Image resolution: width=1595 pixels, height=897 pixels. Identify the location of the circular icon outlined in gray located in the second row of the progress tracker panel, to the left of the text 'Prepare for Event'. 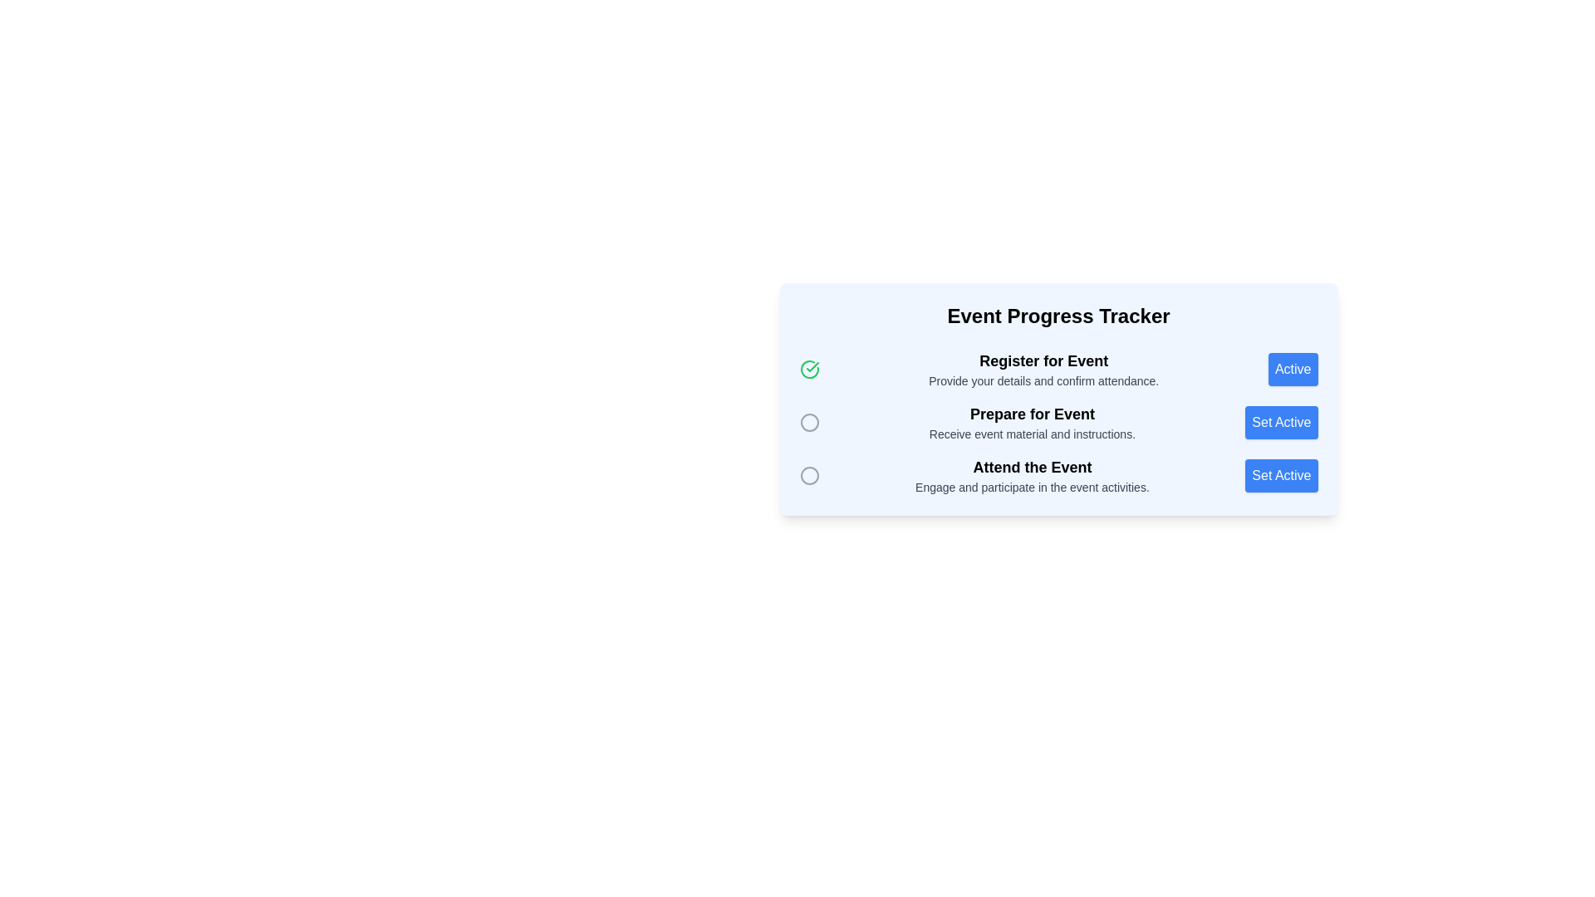
(816, 422).